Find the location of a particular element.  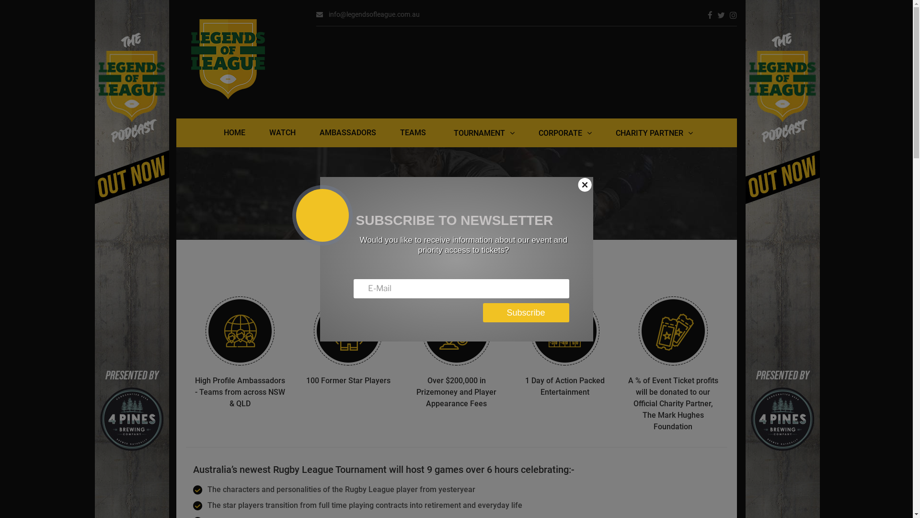

'TEAMS' is located at coordinates (413, 133).